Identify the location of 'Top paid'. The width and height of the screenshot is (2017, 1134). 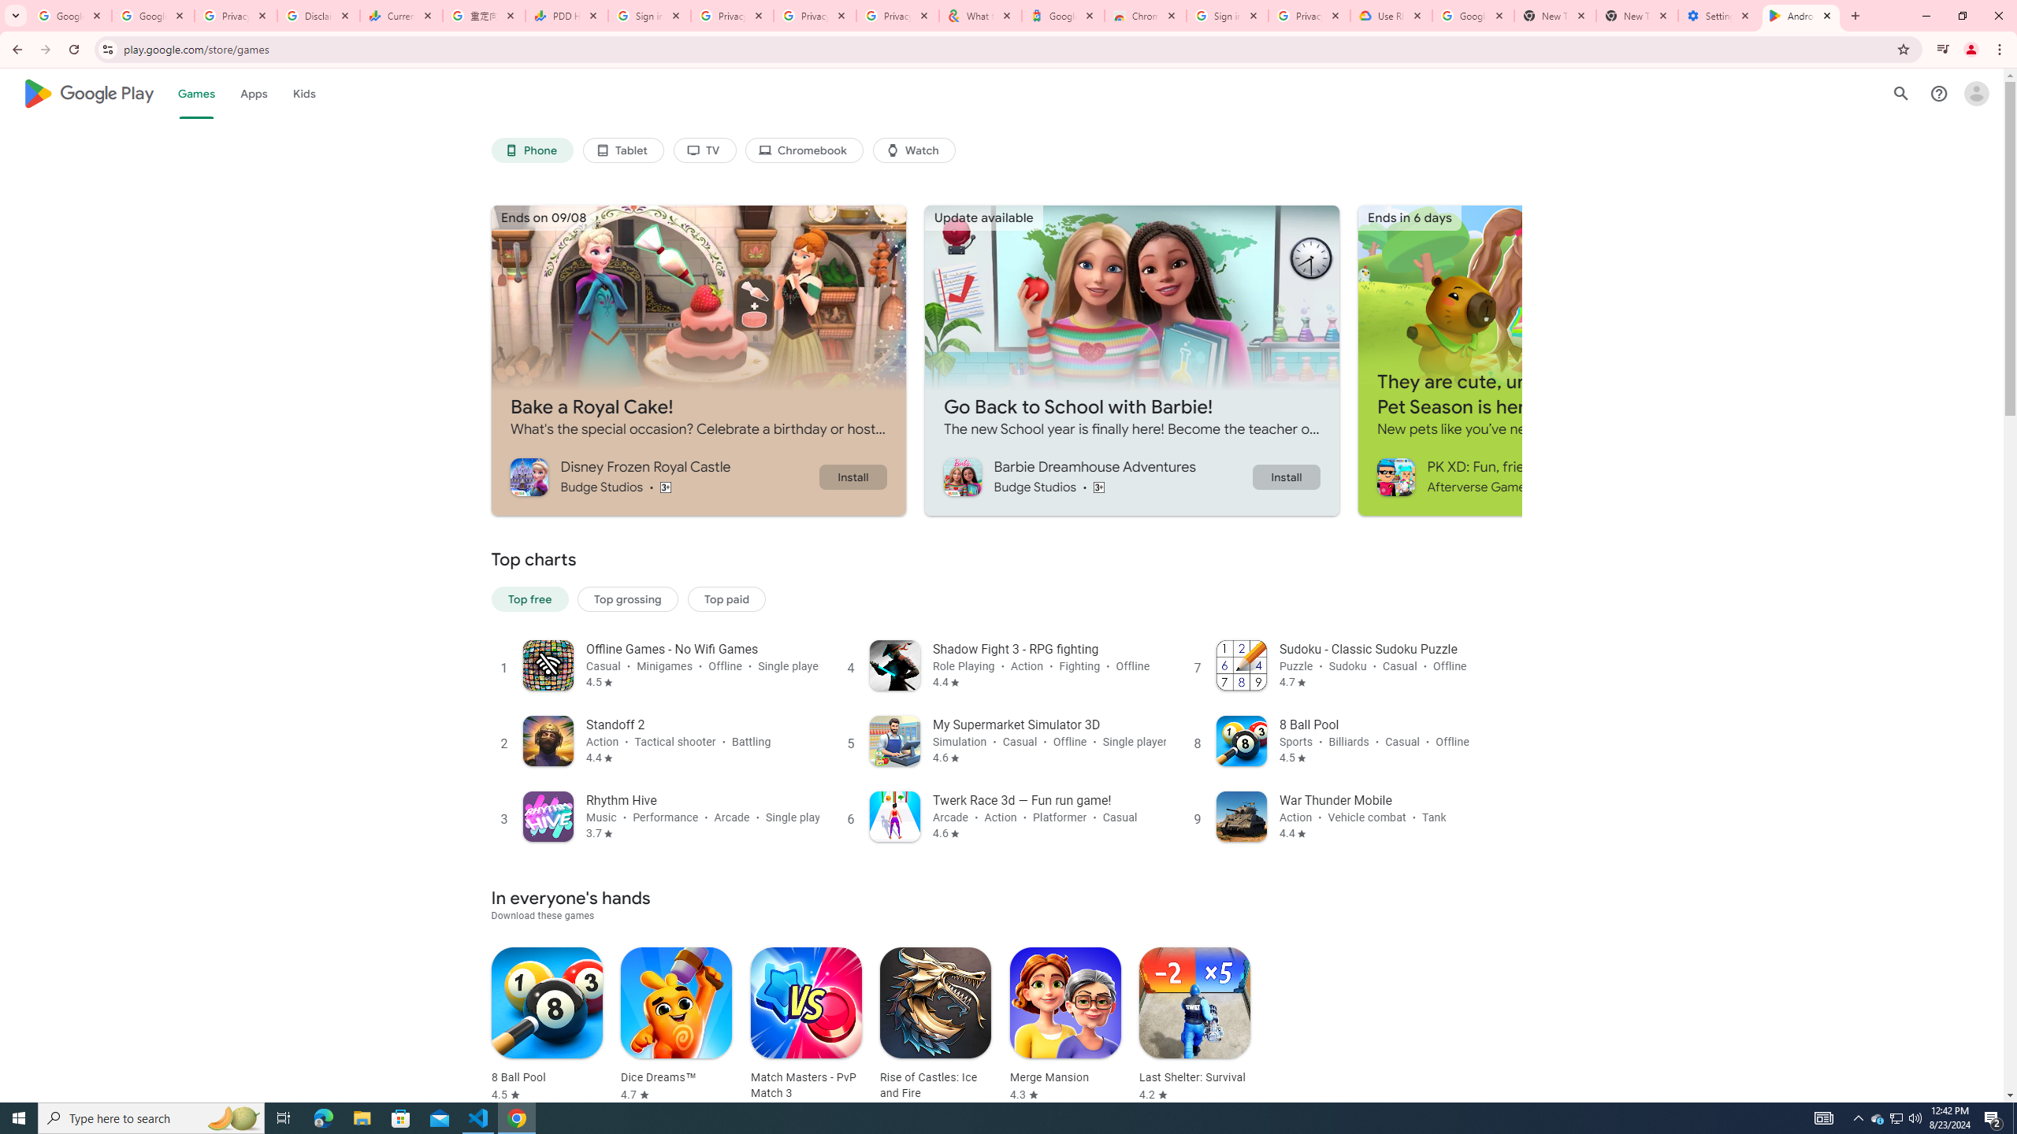
(726, 599).